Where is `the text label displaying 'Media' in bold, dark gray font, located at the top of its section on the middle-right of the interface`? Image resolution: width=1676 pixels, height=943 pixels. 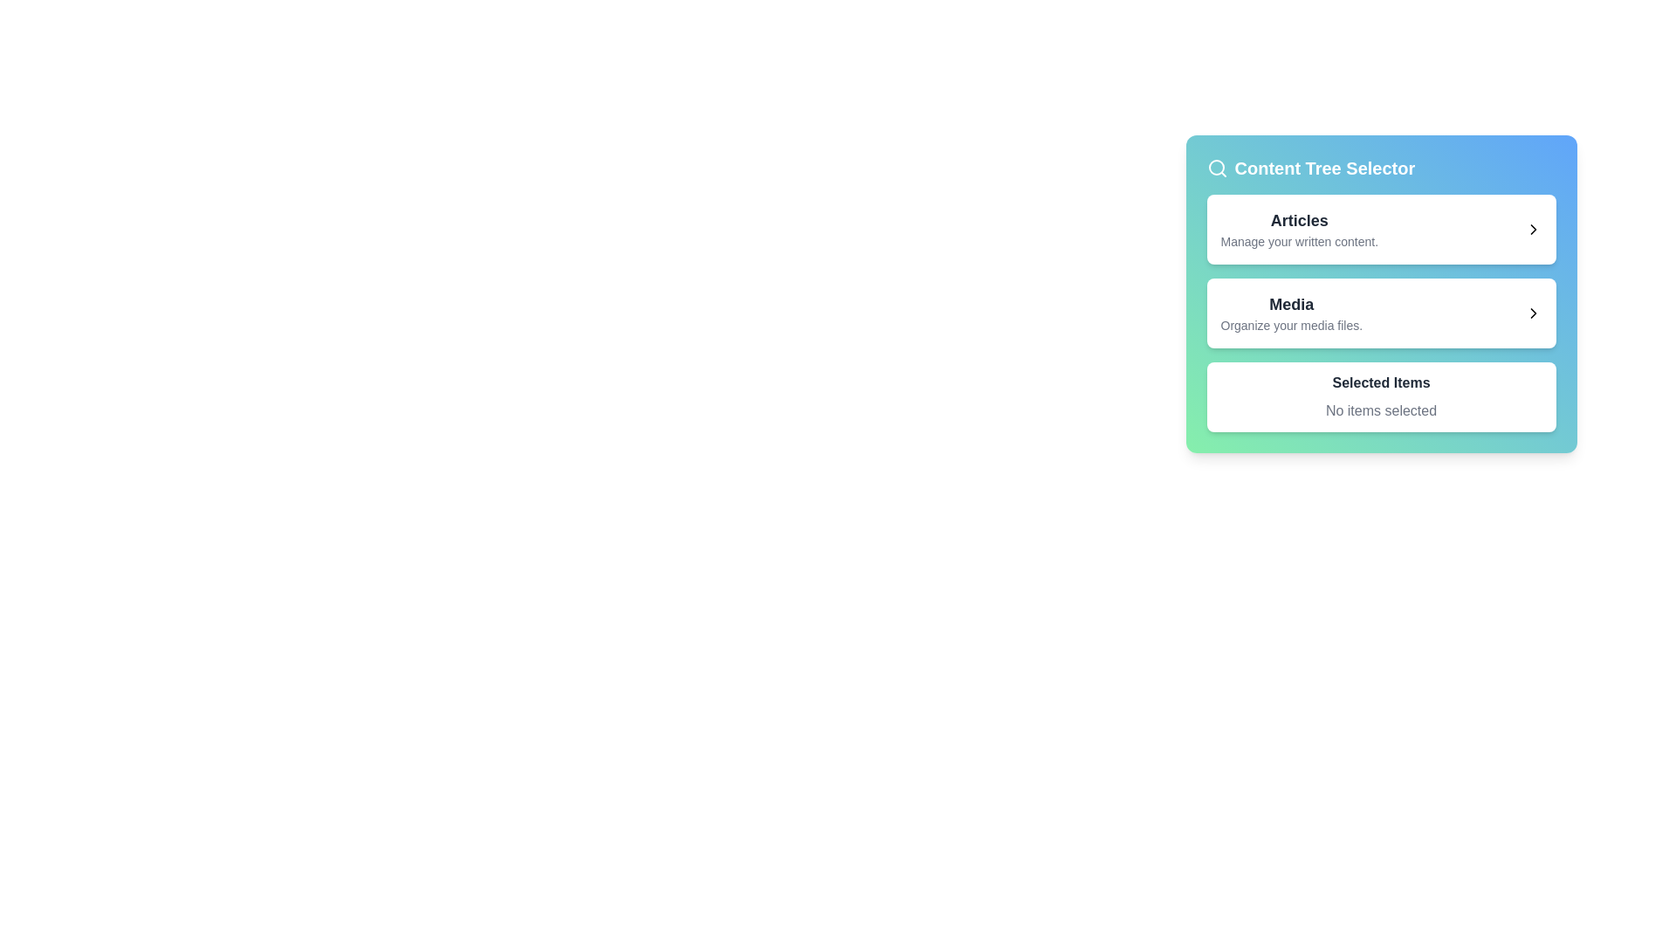 the text label displaying 'Media' in bold, dark gray font, located at the top of its section on the middle-right of the interface is located at coordinates (1291, 303).